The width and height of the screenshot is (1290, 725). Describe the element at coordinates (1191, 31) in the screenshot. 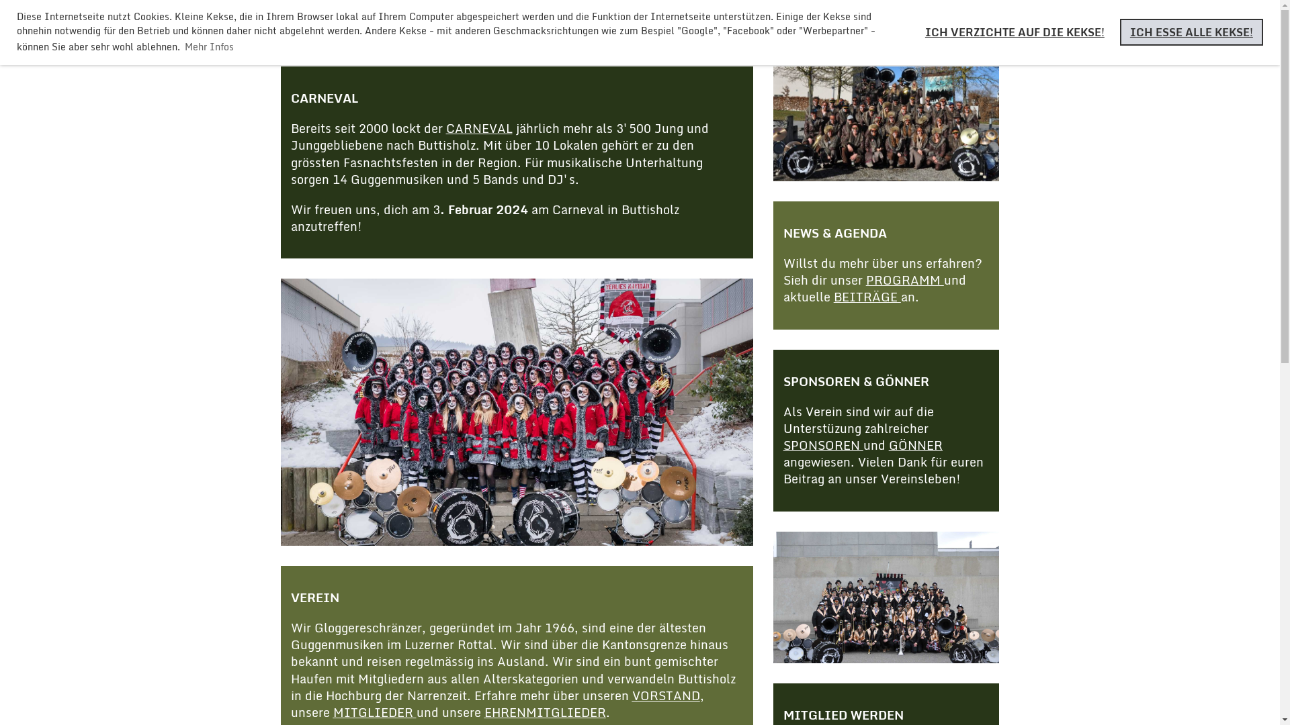

I see `'ICH ESSE ALLE KEKSE!'` at that location.